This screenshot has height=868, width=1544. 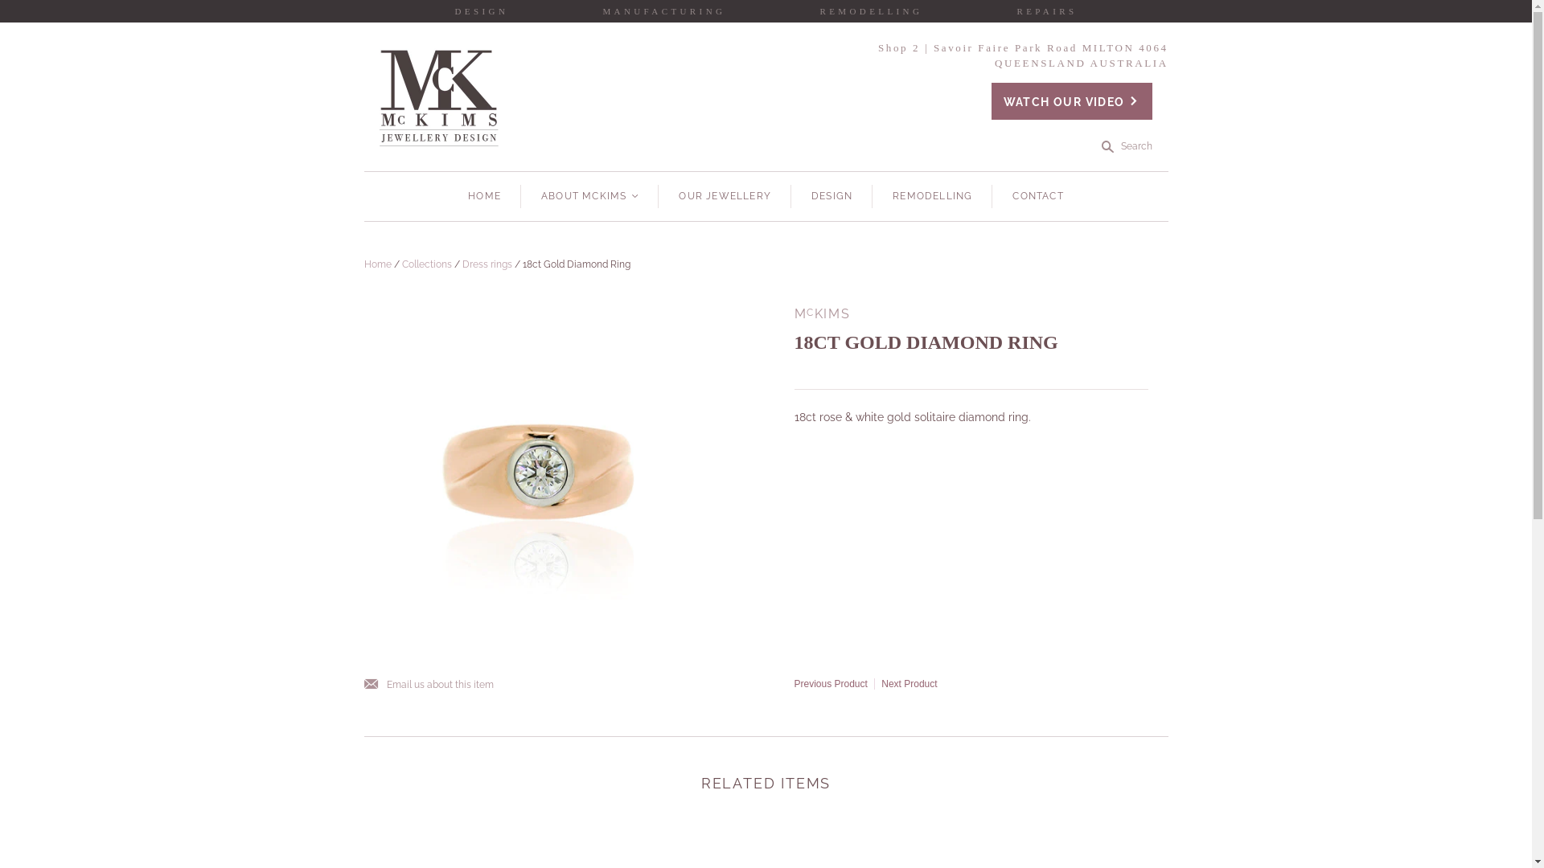 What do you see at coordinates (909, 684) in the screenshot?
I see `'Next Product'` at bounding box center [909, 684].